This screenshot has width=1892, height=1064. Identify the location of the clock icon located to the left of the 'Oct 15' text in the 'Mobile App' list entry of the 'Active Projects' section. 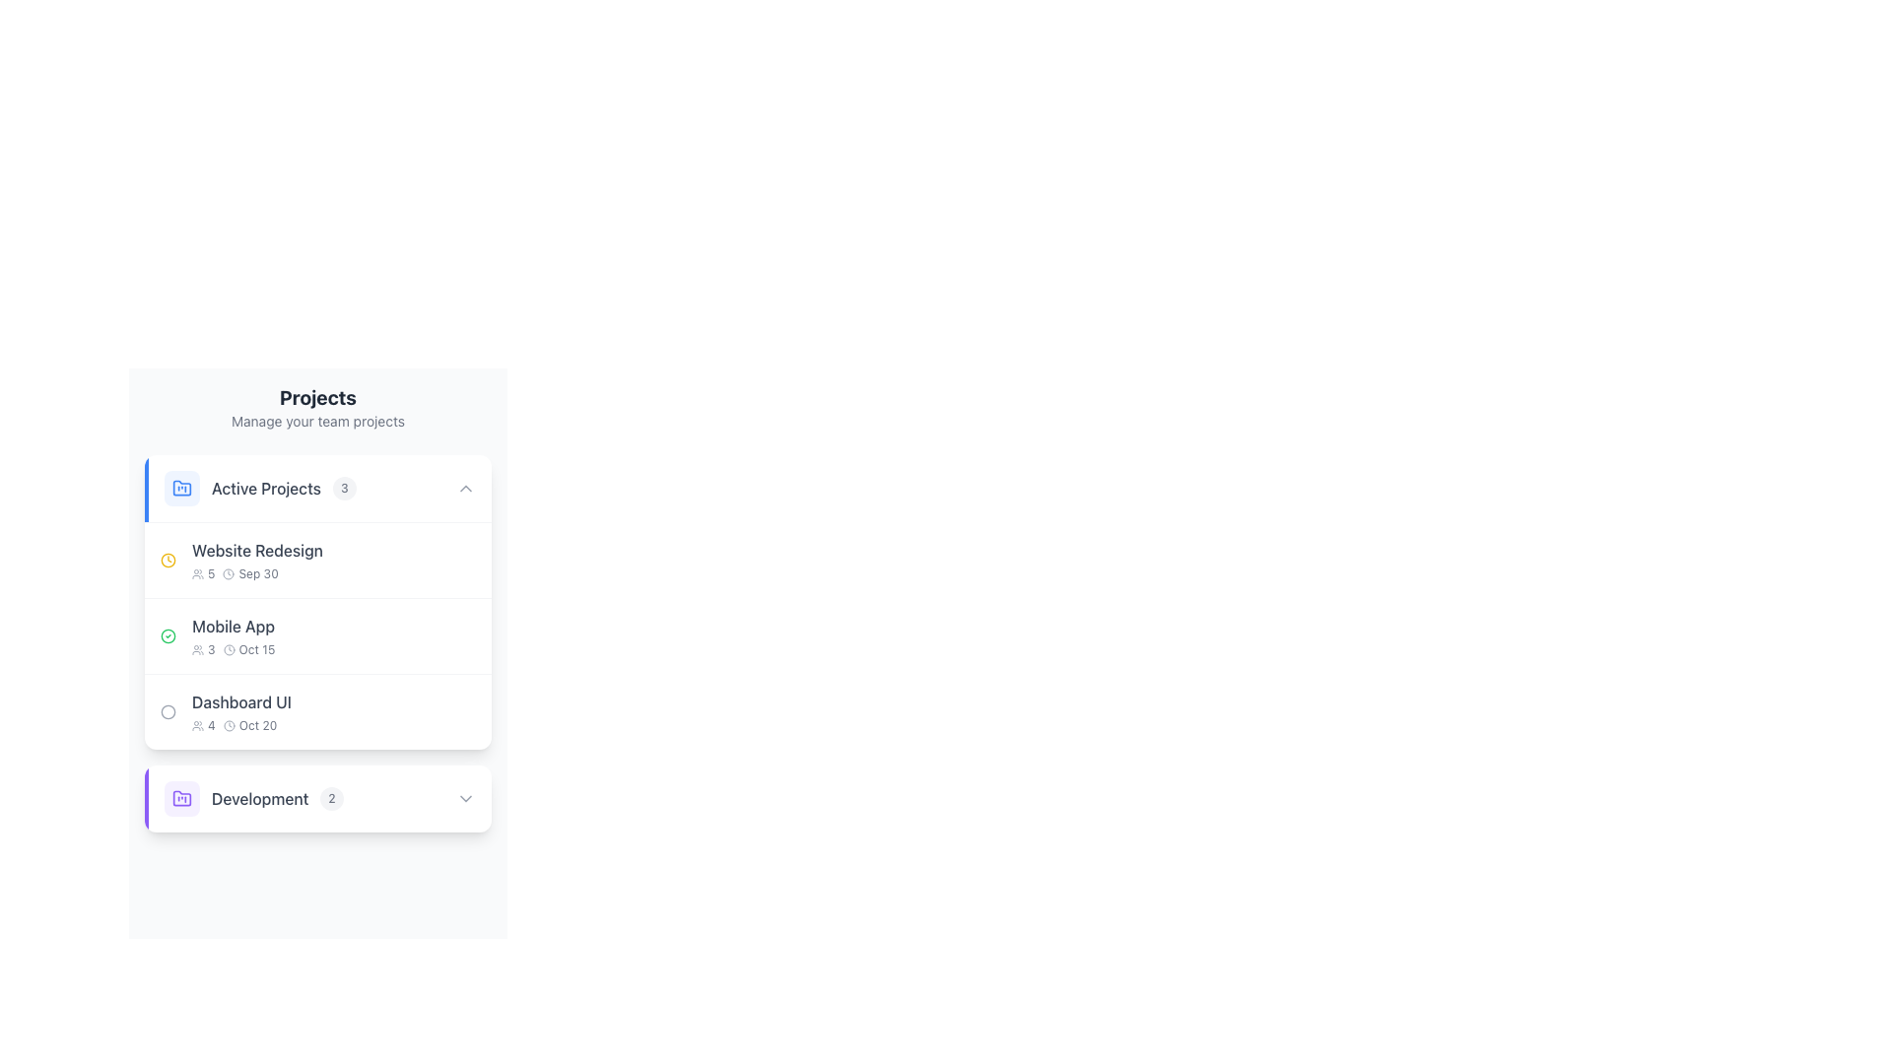
(229, 649).